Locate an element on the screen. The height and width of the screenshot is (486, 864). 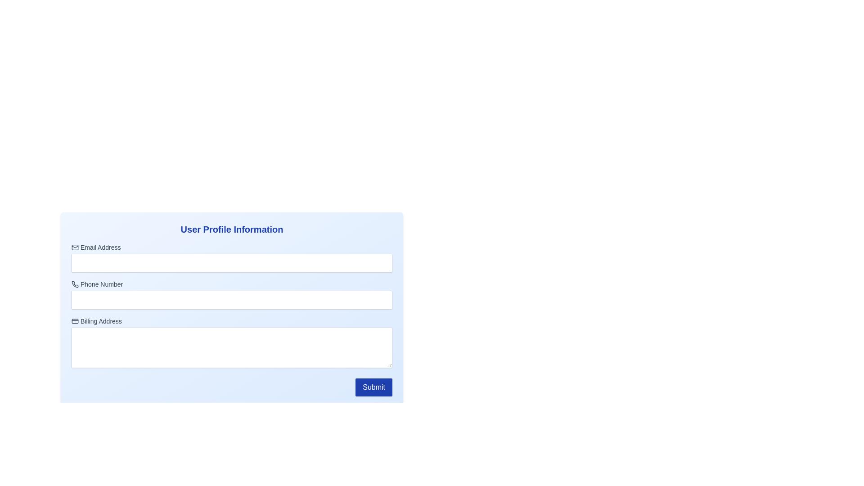
the text heading labeled 'User Profile Information', which is styled in blue and bold, located at the top of the section above the form fields is located at coordinates (232, 229).